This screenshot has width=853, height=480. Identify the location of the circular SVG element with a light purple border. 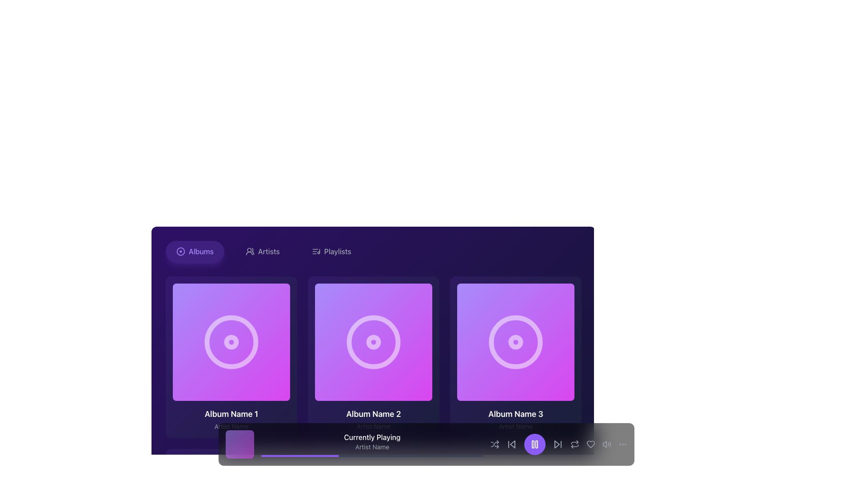
(373, 342).